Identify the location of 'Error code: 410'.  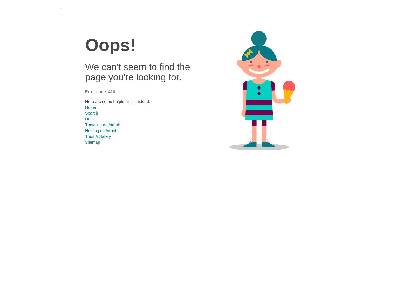
(100, 91).